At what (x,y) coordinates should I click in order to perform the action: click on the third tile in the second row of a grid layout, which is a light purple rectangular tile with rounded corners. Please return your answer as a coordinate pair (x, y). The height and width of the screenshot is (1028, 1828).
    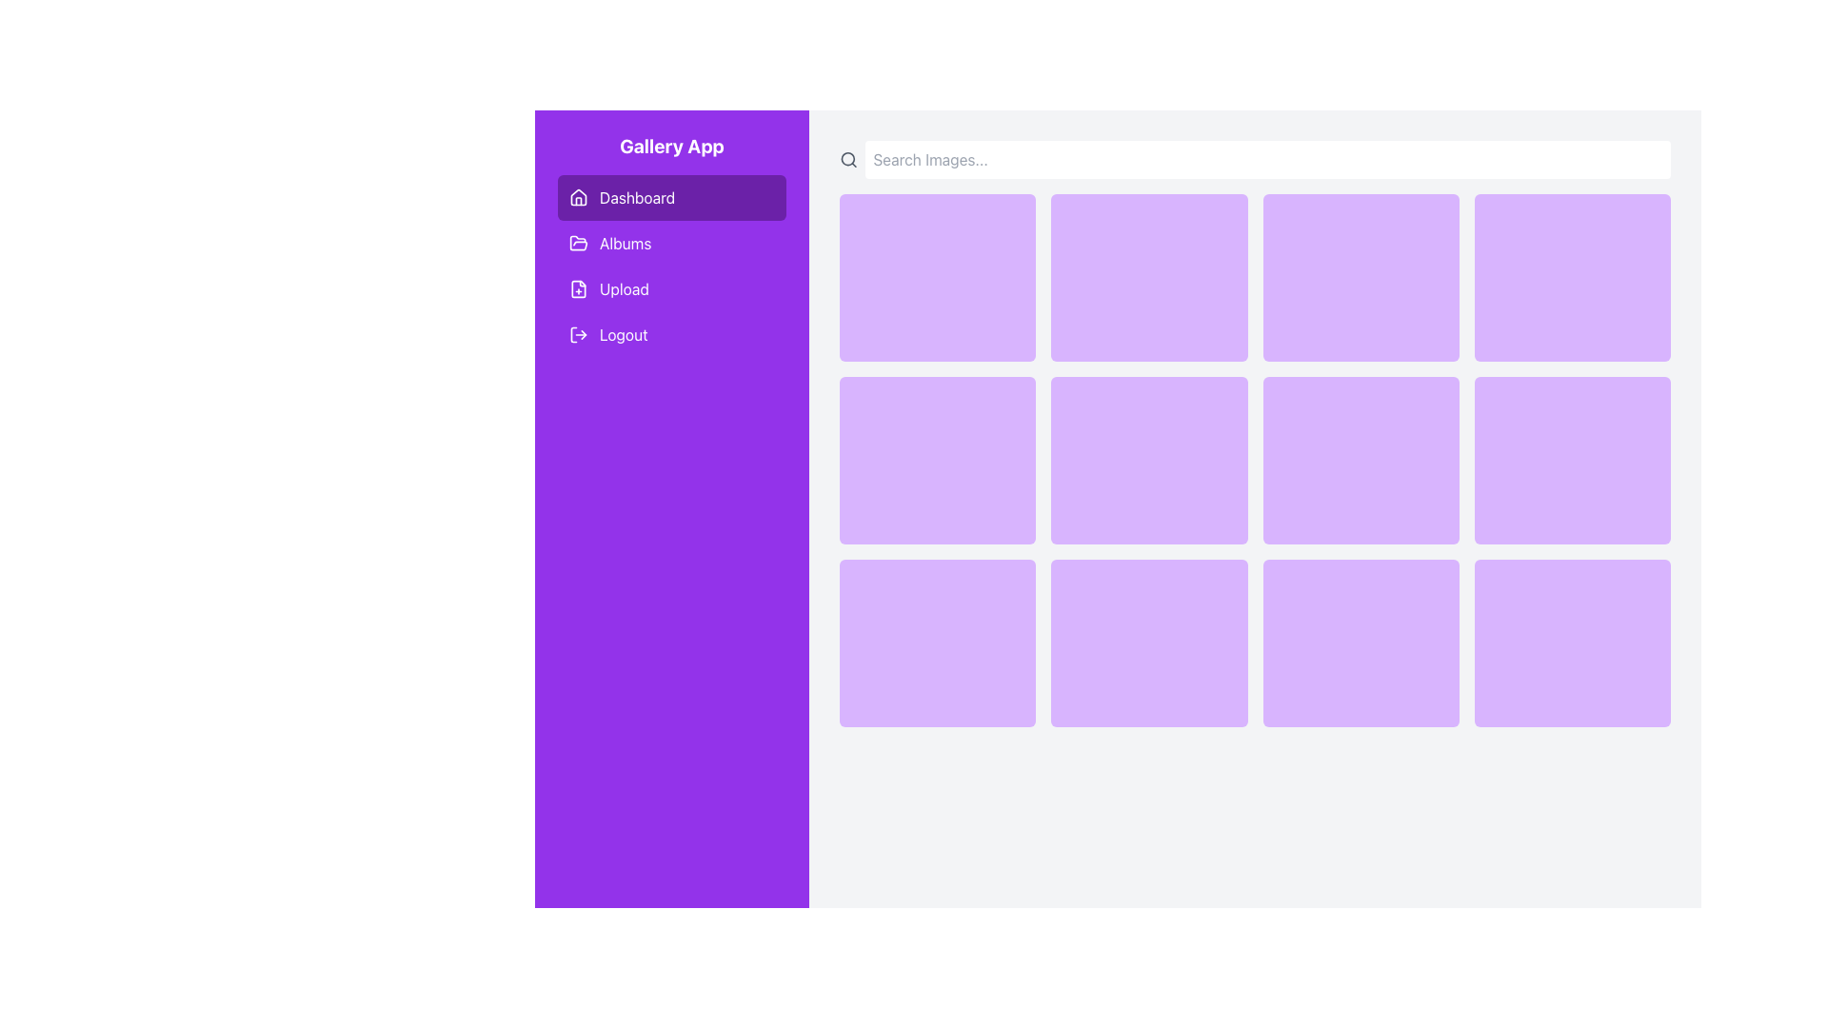
    Looking at the image, I should click on (1360, 460).